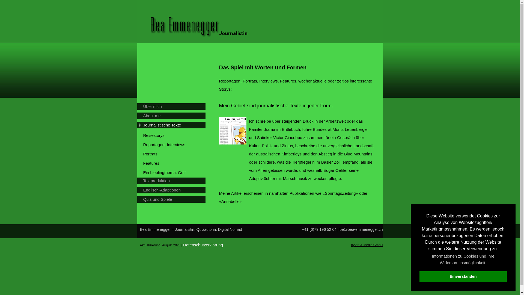  What do you see at coordinates (419, 276) in the screenshot?
I see `'Einverstanden'` at bounding box center [419, 276].